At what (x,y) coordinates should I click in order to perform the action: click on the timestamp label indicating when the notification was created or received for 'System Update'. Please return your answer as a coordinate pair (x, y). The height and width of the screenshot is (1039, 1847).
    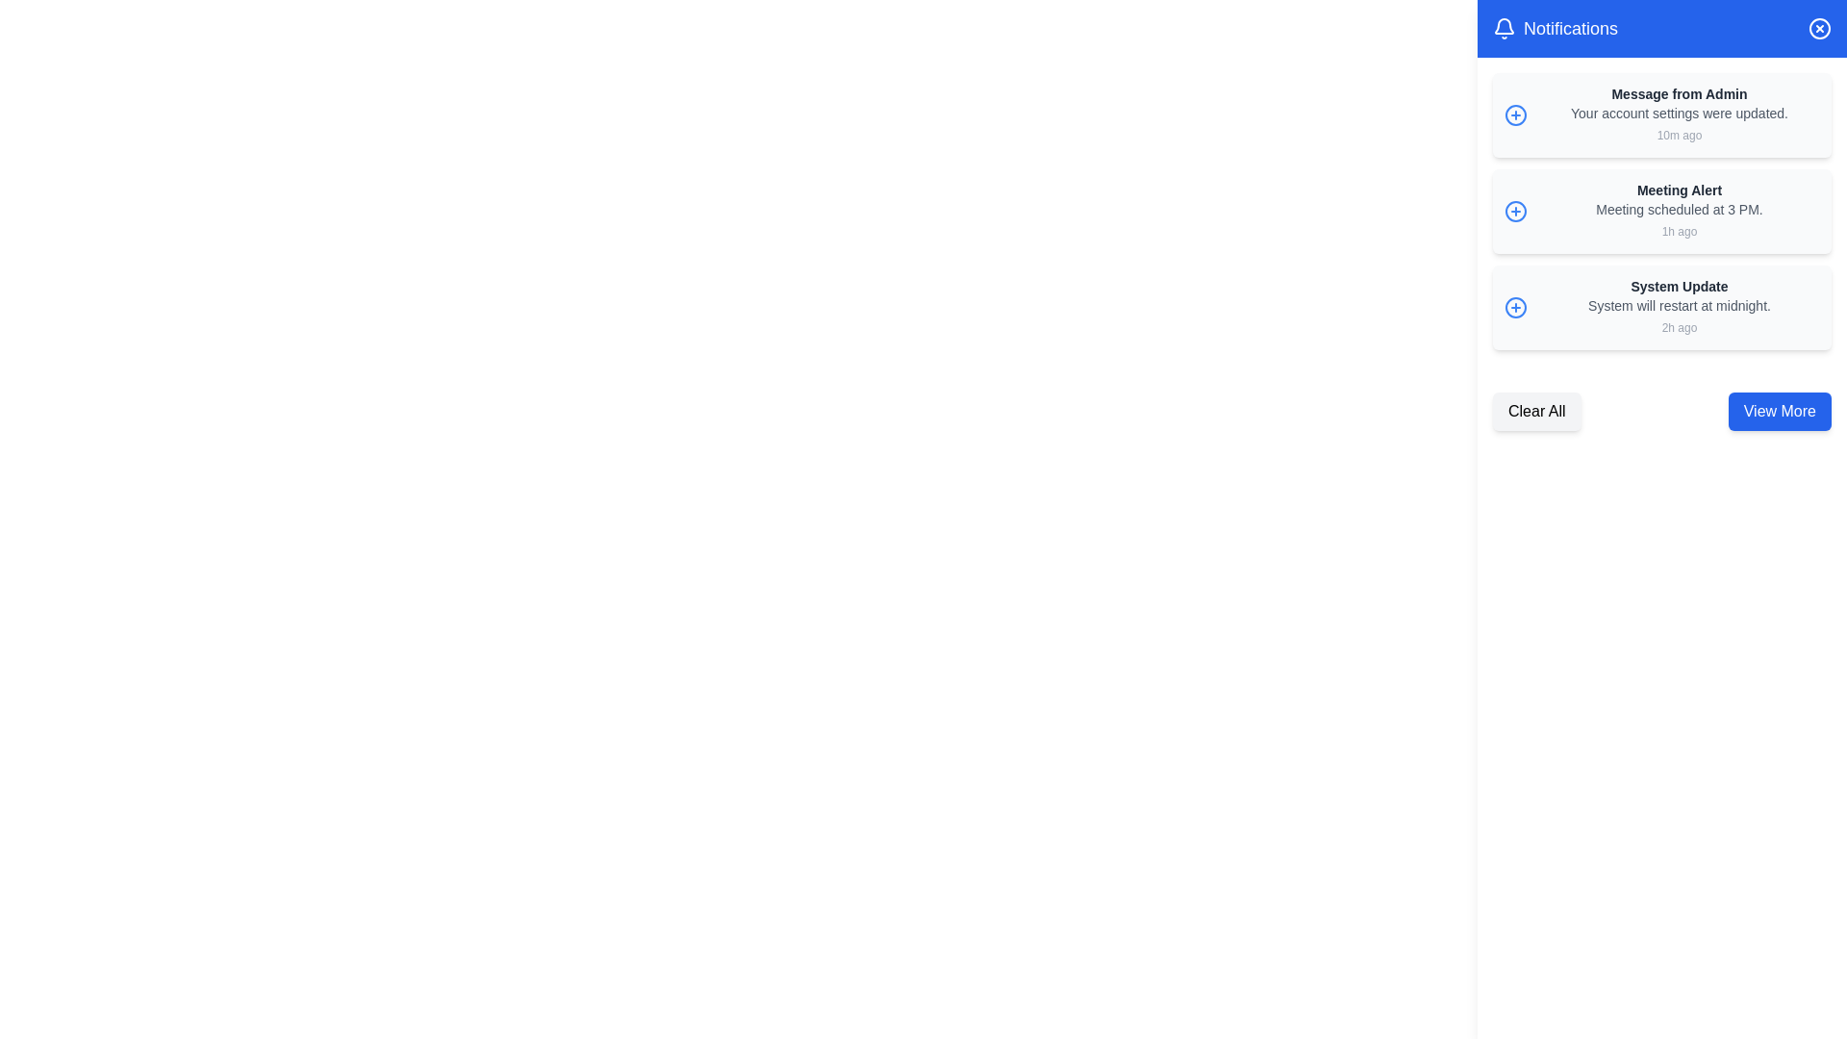
    Looking at the image, I should click on (1679, 326).